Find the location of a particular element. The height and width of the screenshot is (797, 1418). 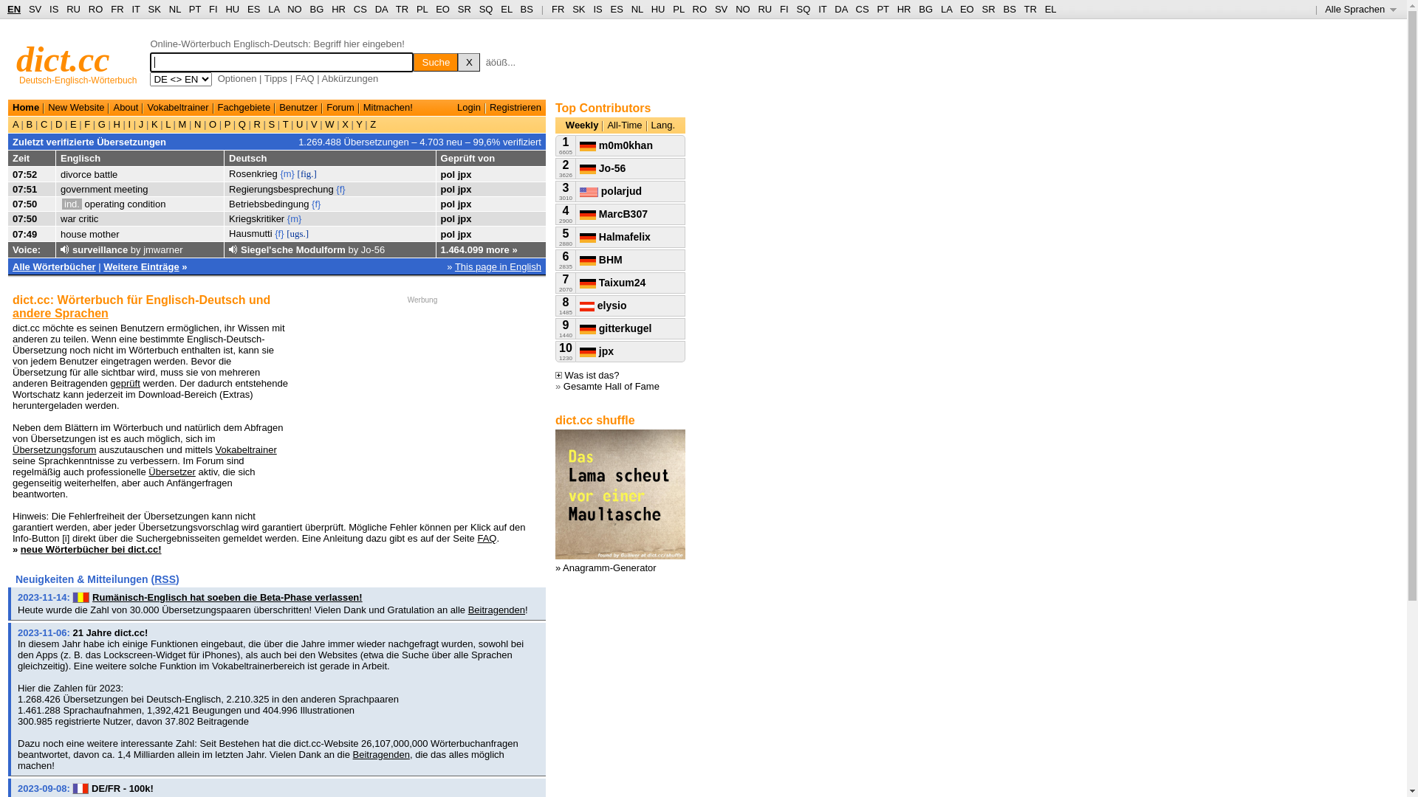

'BS' is located at coordinates (527, 9).